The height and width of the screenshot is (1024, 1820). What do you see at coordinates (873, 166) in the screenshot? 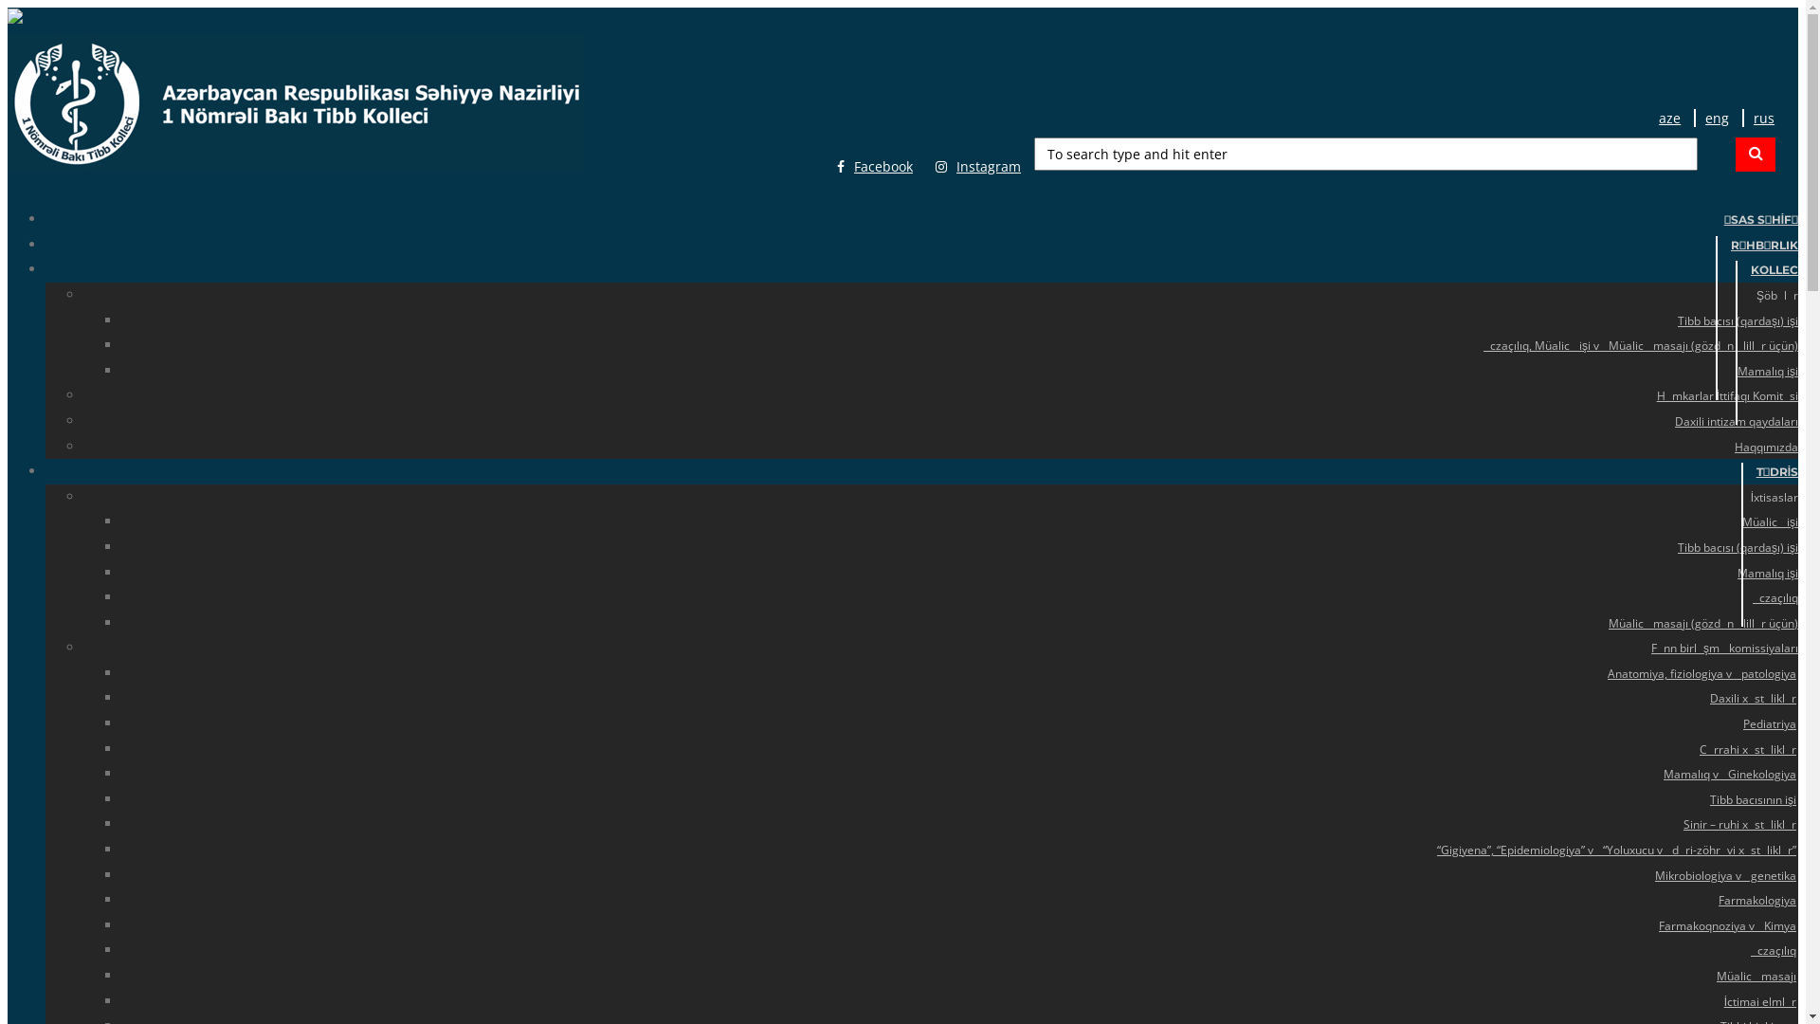
I see `'Facebook'` at bounding box center [873, 166].